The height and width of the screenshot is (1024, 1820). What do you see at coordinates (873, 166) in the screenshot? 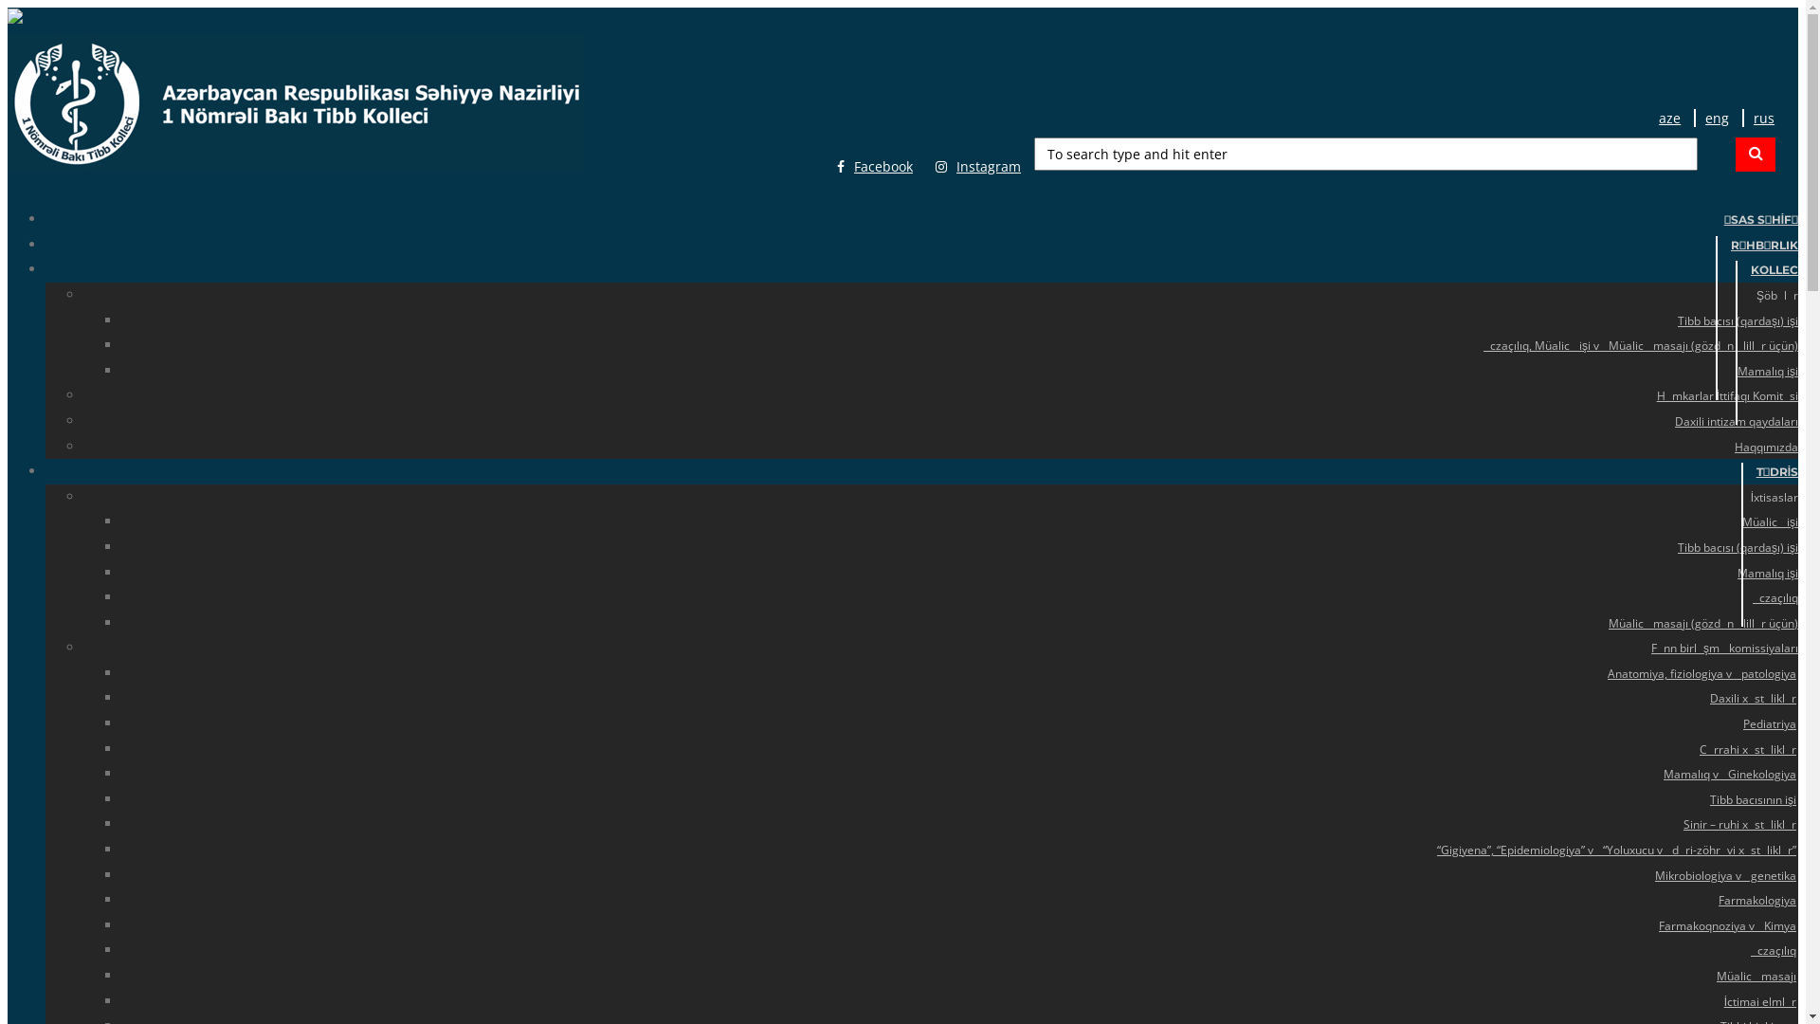
I see `'Facebook'` at bounding box center [873, 166].